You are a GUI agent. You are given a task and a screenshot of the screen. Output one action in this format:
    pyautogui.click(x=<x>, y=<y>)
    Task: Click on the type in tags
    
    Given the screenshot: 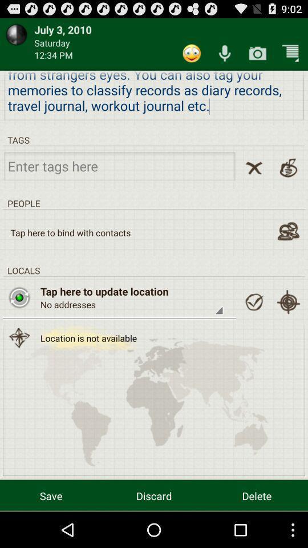 What is the action you would take?
    pyautogui.click(x=119, y=165)
    